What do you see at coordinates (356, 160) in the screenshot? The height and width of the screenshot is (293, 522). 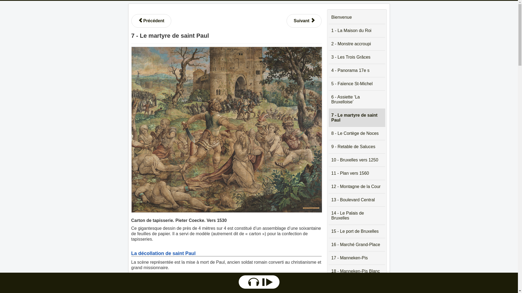 I see `'10 - Bruxelles vers 1250'` at bounding box center [356, 160].